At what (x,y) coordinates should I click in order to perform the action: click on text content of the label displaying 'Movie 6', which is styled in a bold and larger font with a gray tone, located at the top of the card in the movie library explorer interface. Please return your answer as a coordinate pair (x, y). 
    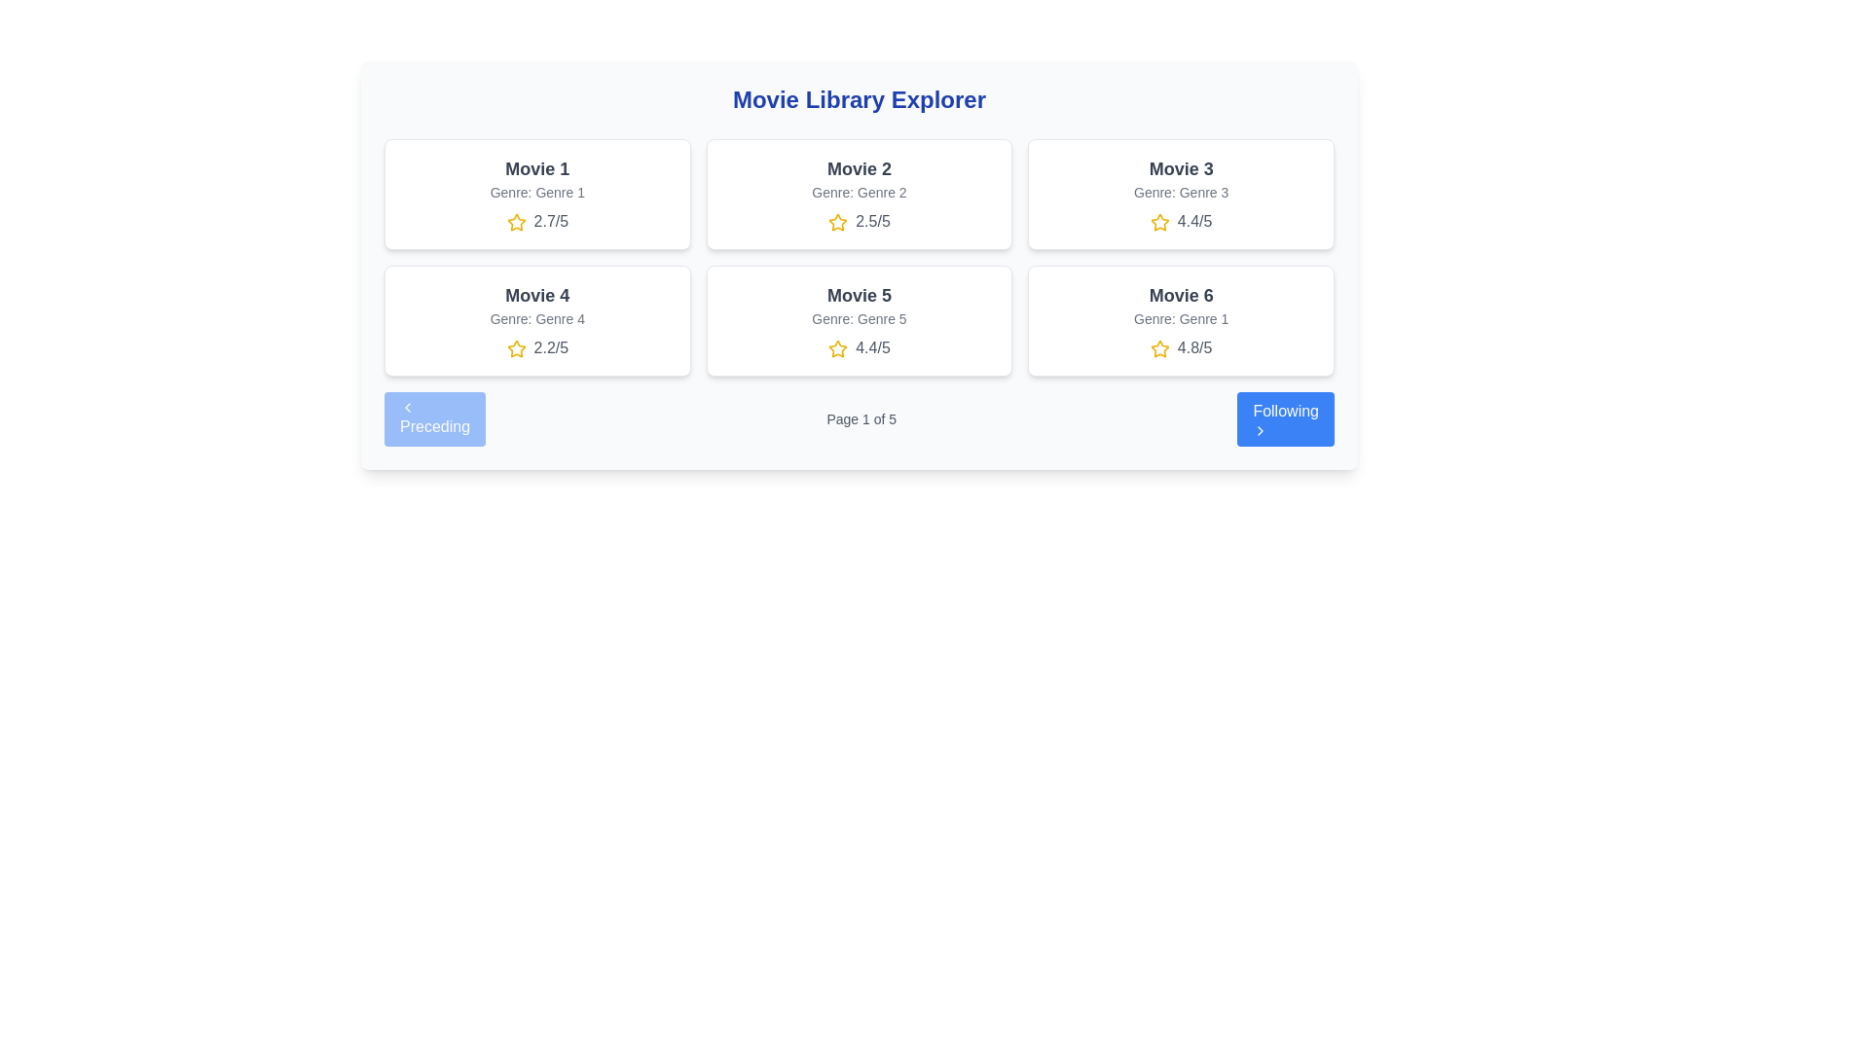
    Looking at the image, I should click on (1180, 296).